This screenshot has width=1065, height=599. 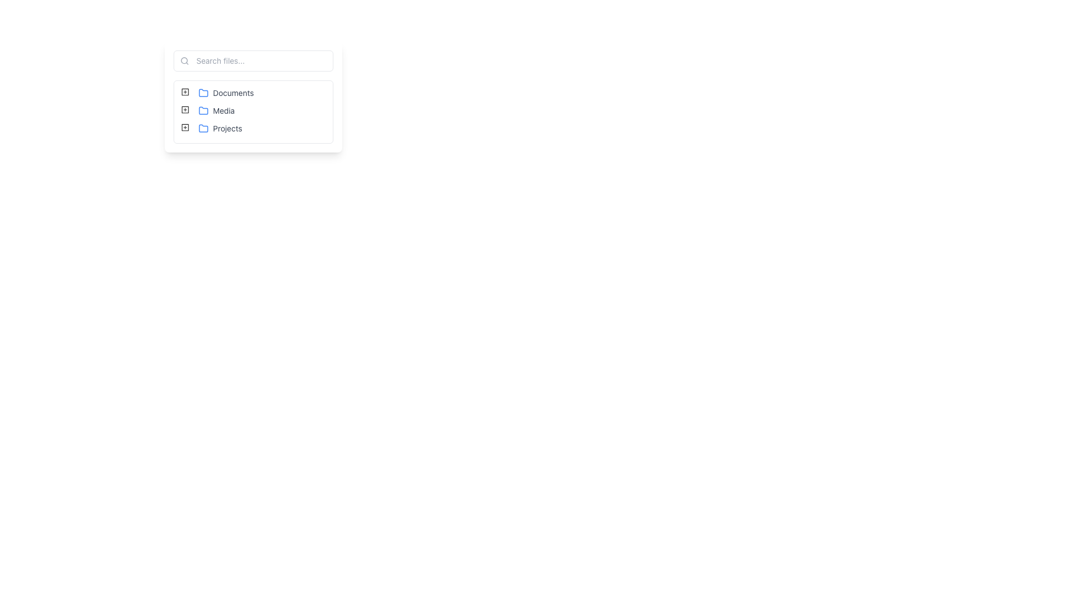 I want to click on the square-shaped icon located to the left of the 'Projects' label in the folder list, so click(x=185, y=127).